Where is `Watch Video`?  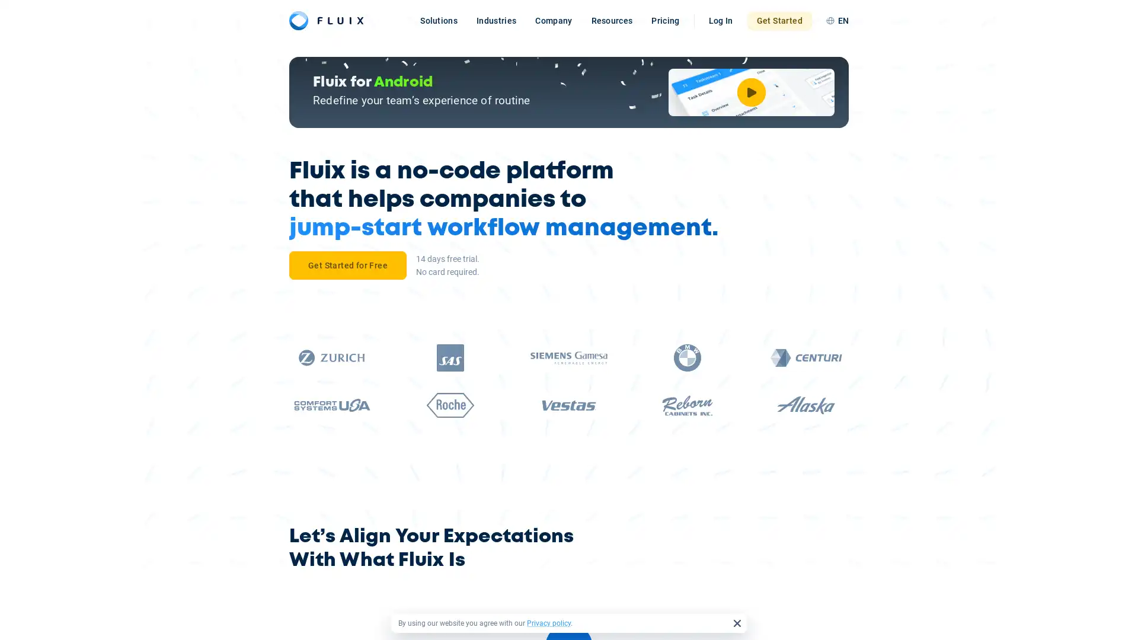
Watch Video is located at coordinates (750, 91).